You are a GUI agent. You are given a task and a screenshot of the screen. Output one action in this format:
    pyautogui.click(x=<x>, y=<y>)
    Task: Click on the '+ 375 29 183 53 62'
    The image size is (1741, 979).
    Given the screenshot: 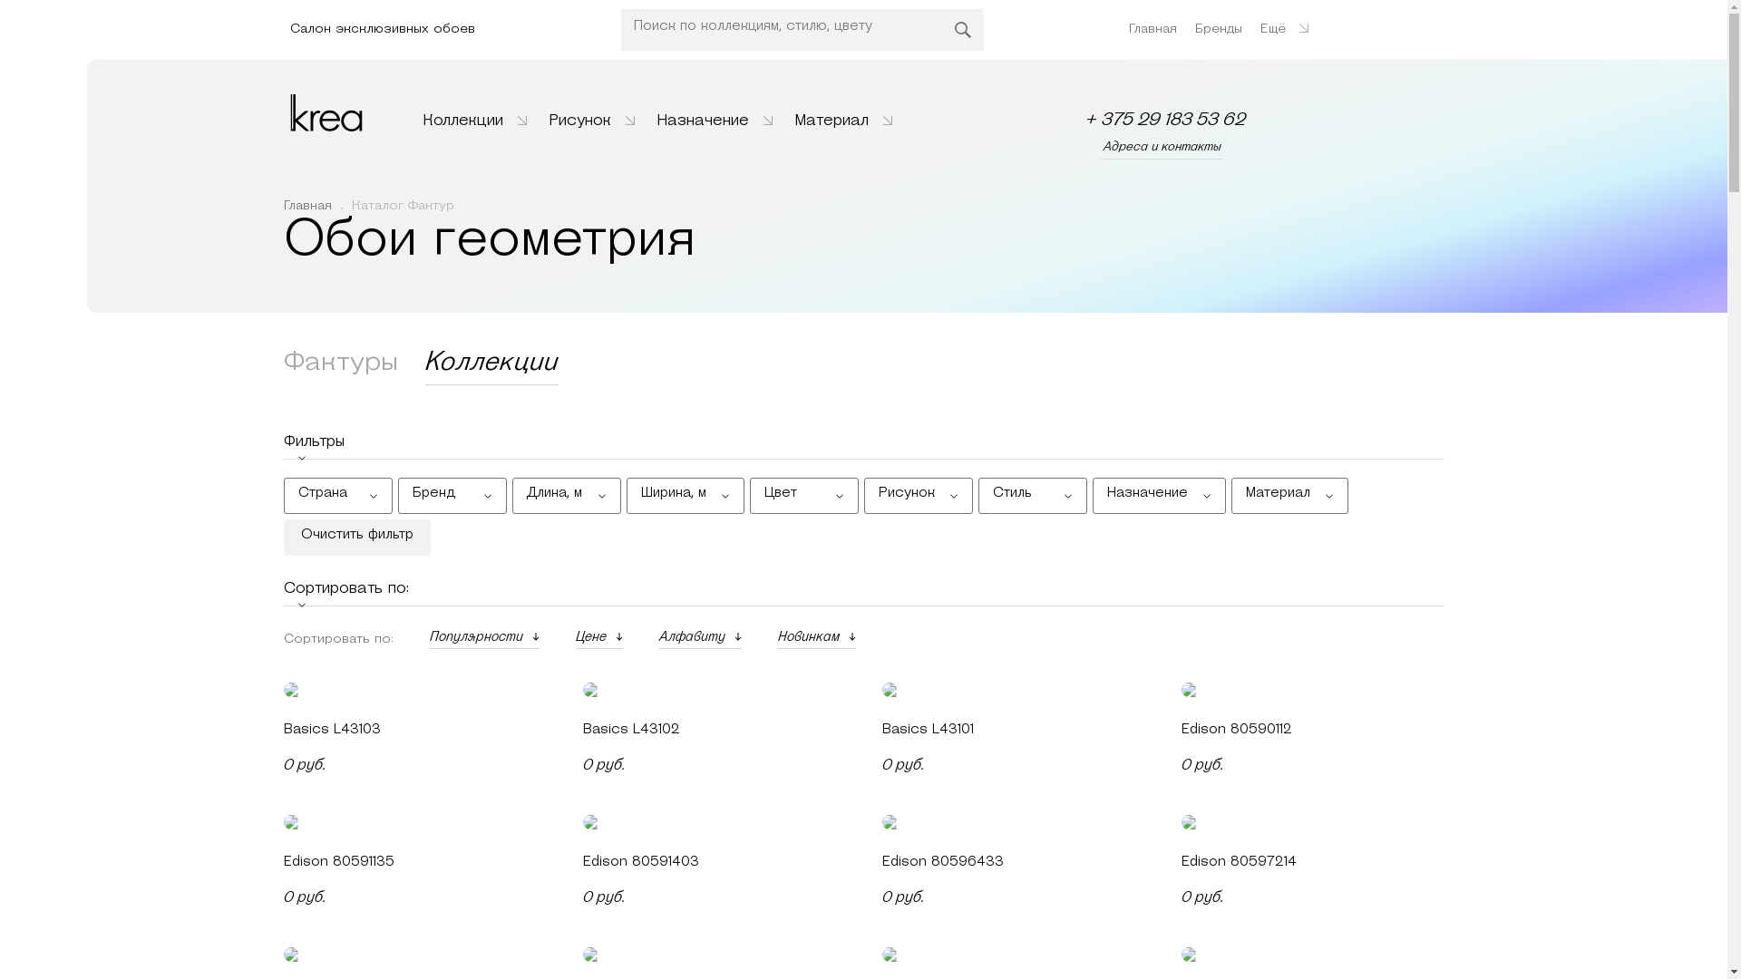 What is the action you would take?
    pyautogui.click(x=1084, y=119)
    